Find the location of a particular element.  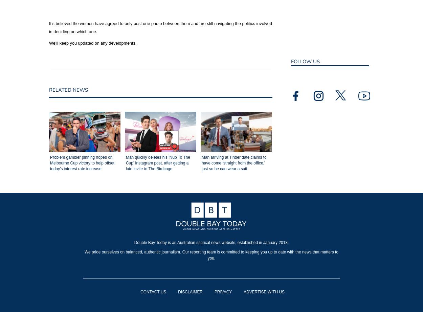

'PRIVACY' is located at coordinates (223, 291).